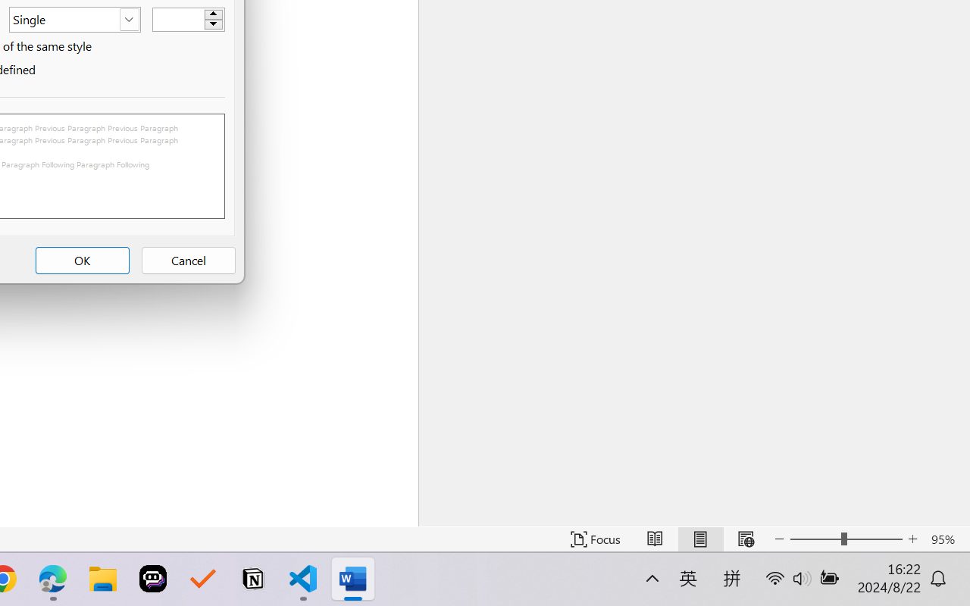  What do you see at coordinates (187, 261) in the screenshot?
I see `'Cancel'` at bounding box center [187, 261].